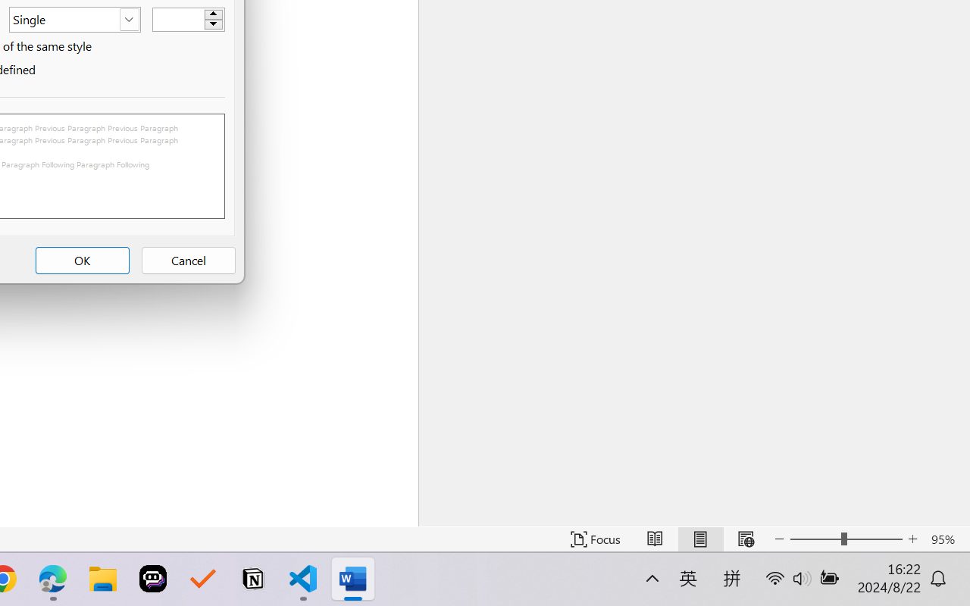  What do you see at coordinates (187, 261) in the screenshot?
I see `'Cancel'` at bounding box center [187, 261].